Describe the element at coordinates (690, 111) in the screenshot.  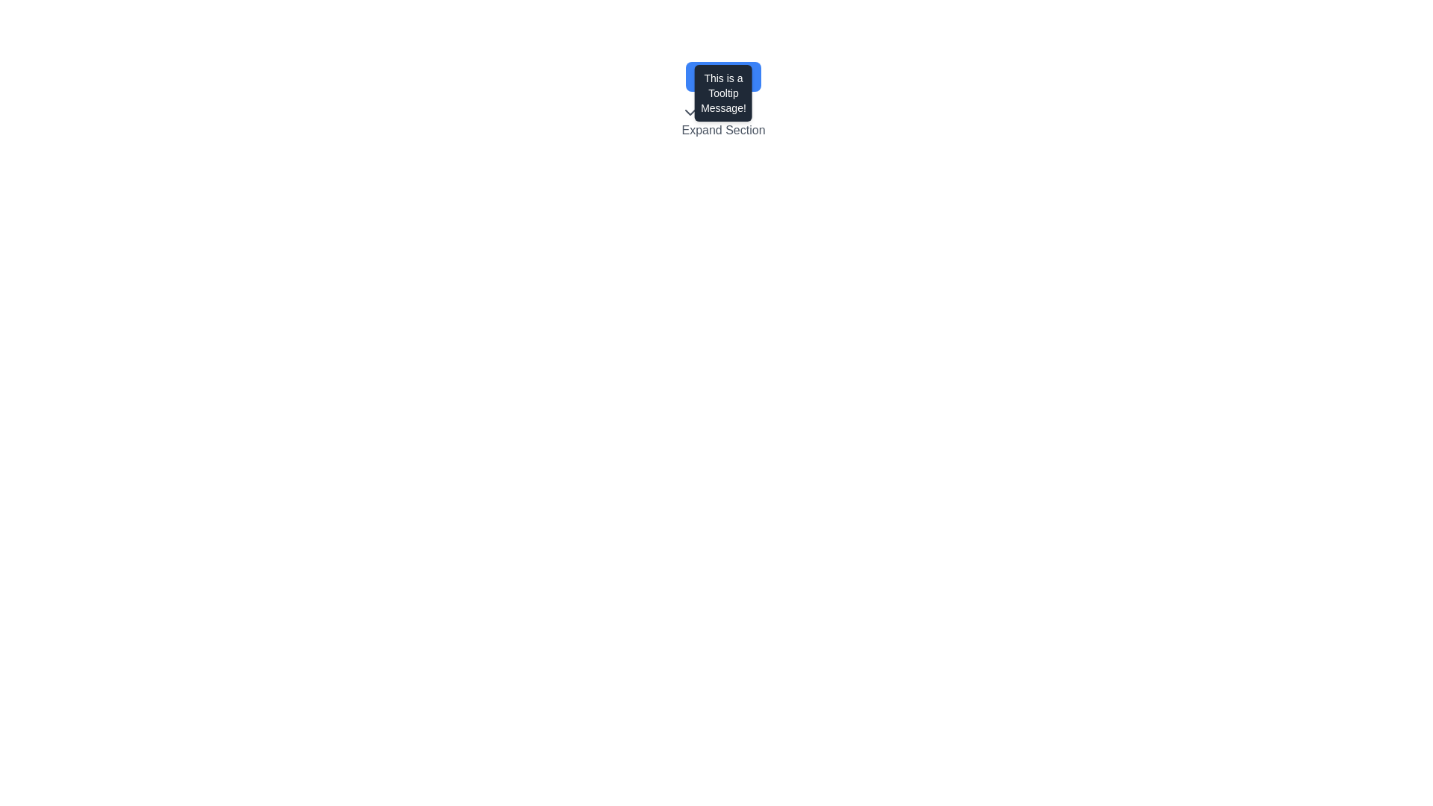
I see `the downward-facing arrow icon` at that location.